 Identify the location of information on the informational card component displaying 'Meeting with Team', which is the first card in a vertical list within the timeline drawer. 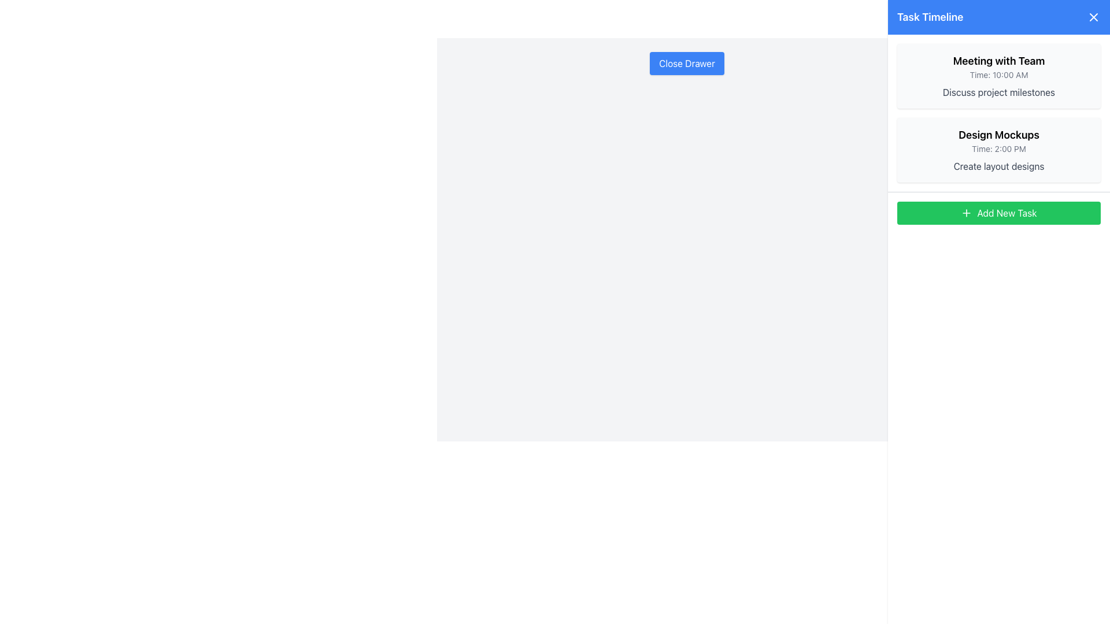
(998, 76).